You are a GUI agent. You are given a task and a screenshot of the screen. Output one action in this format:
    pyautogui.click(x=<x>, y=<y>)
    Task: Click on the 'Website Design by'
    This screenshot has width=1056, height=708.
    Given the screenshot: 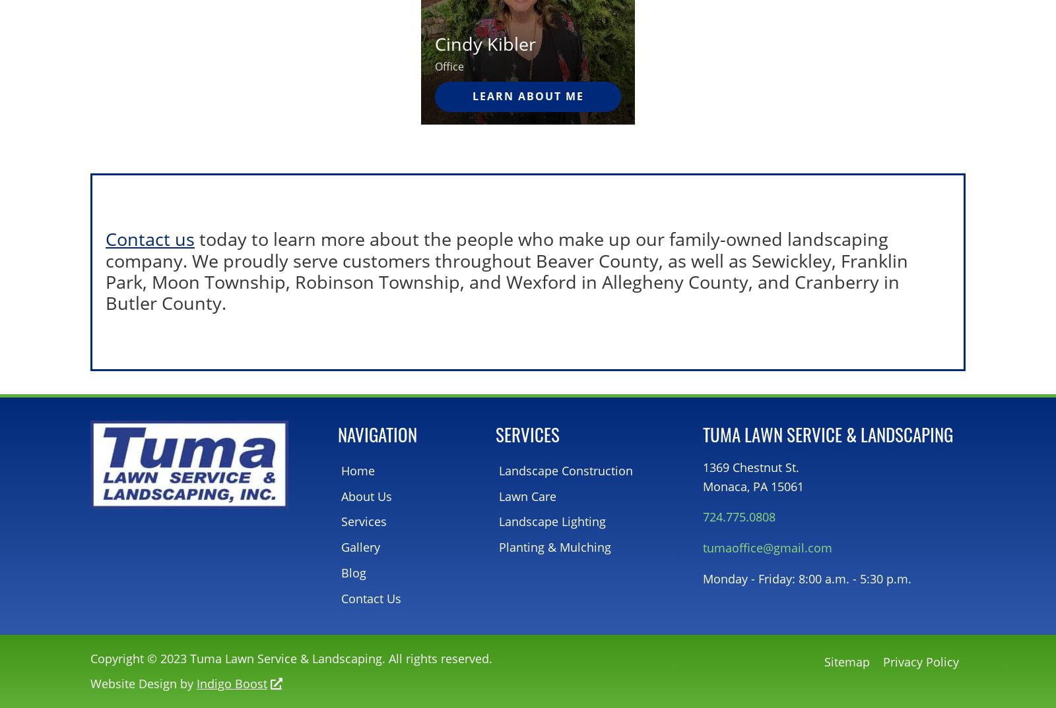 What is the action you would take?
    pyautogui.click(x=143, y=683)
    